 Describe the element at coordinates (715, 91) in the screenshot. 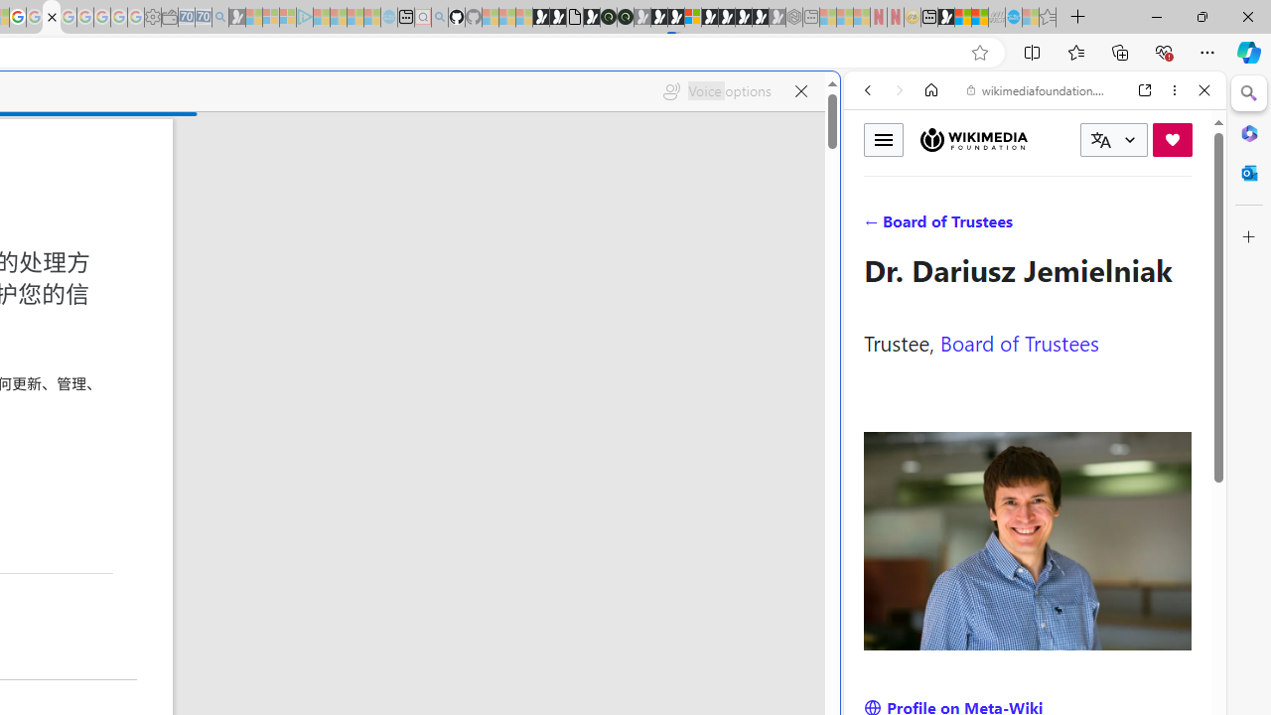

I see `'Voice options'` at that location.